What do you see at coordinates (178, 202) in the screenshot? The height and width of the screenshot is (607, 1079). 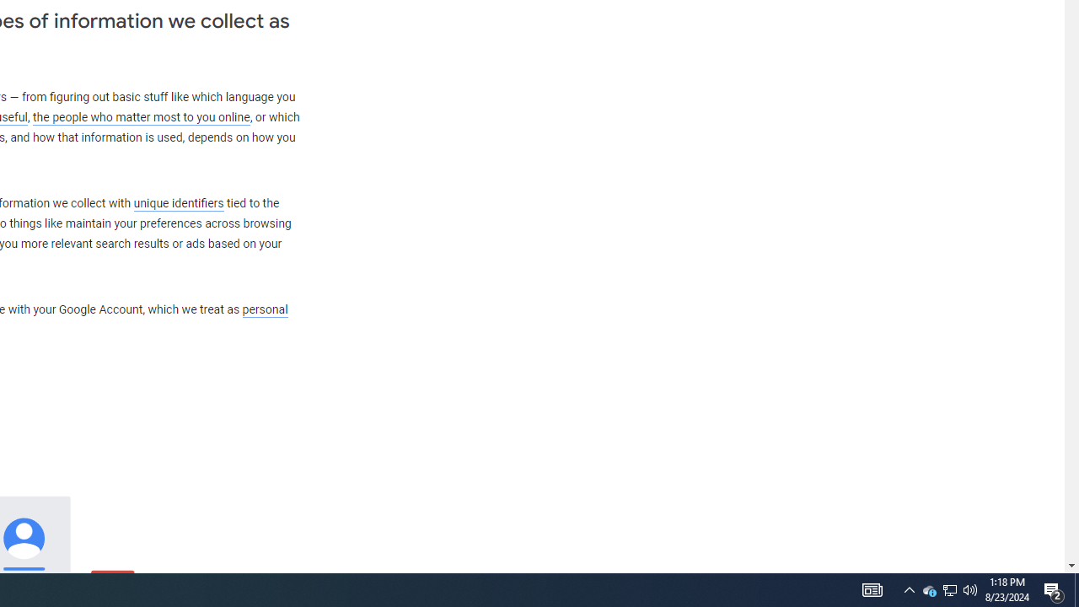 I see `'unique identifiers'` at bounding box center [178, 202].